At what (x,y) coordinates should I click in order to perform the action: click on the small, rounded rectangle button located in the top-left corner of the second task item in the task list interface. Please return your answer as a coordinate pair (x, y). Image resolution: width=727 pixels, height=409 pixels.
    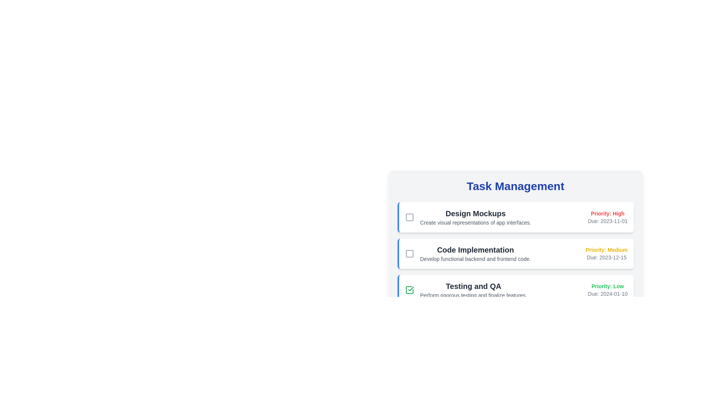
    Looking at the image, I should click on (409, 254).